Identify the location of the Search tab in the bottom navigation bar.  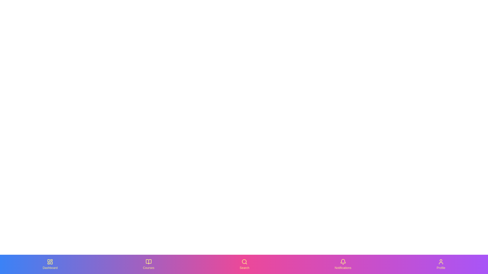
(244, 264).